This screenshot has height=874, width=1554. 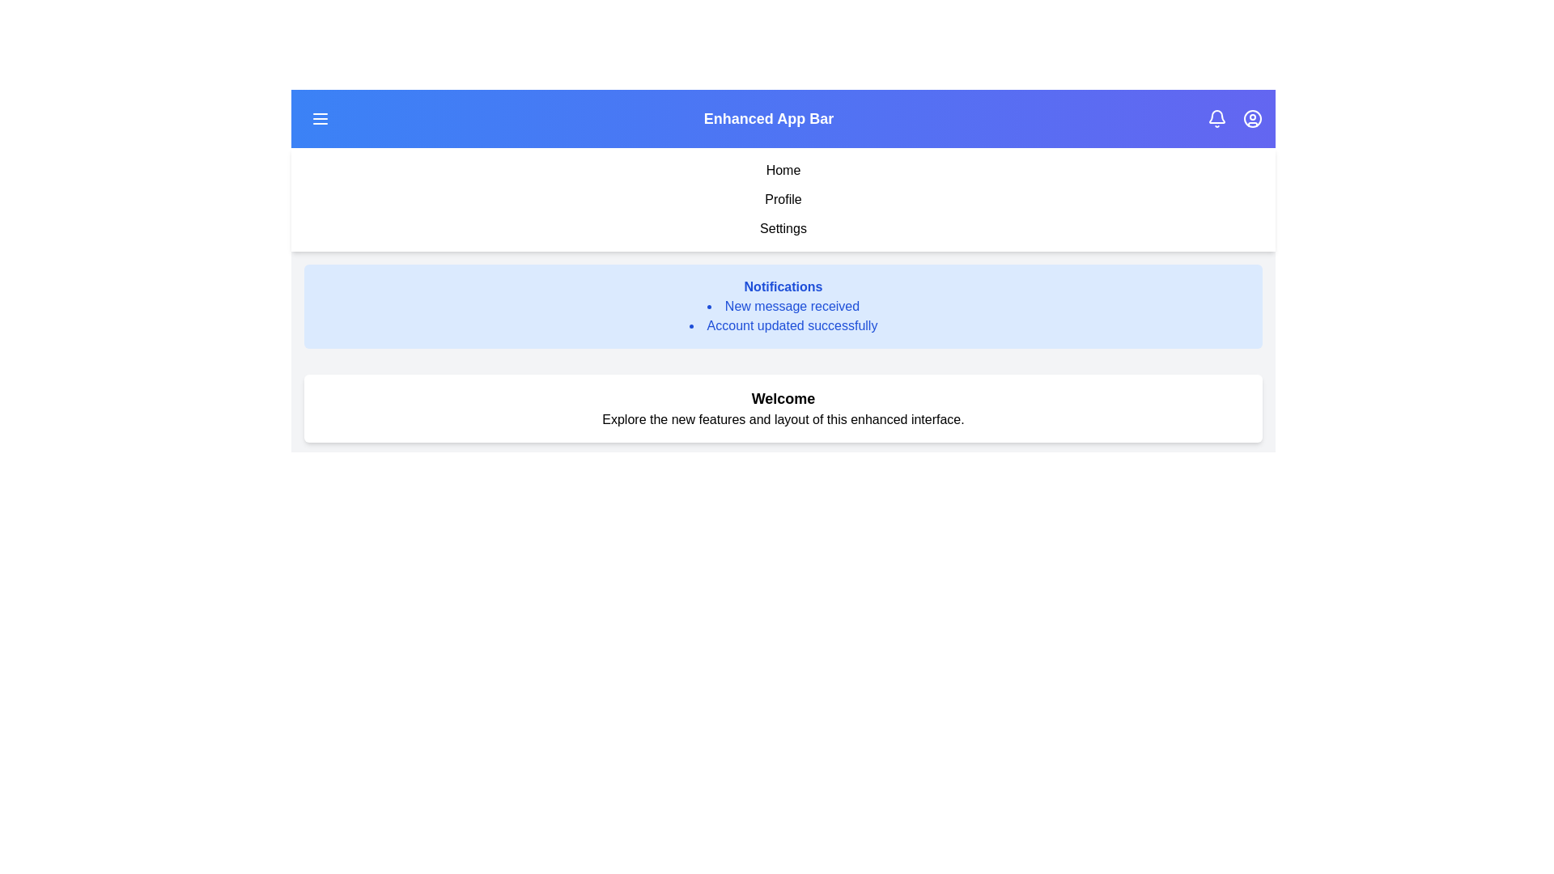 I want to click on the menu item labeled Profile to navigate to the corresponding section, so click(x=783, y=198).